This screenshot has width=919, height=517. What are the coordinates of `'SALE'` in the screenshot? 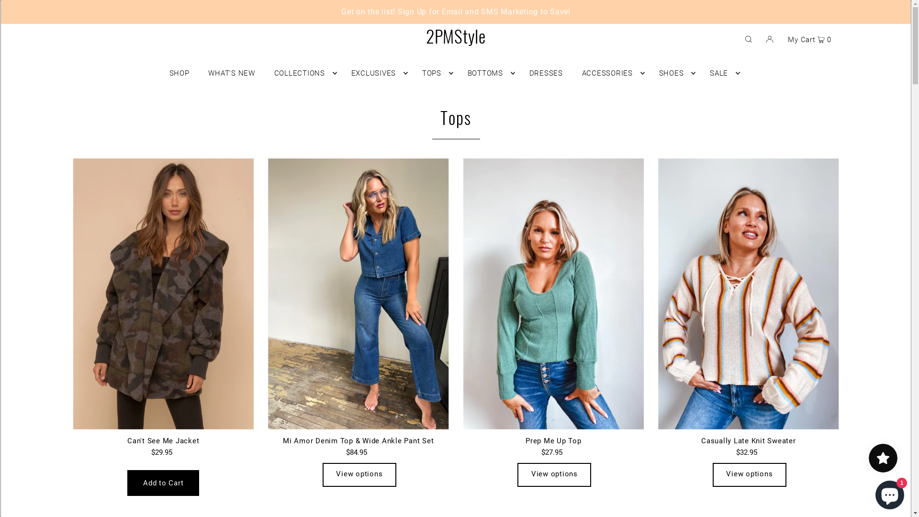 It's located at (722, 73).